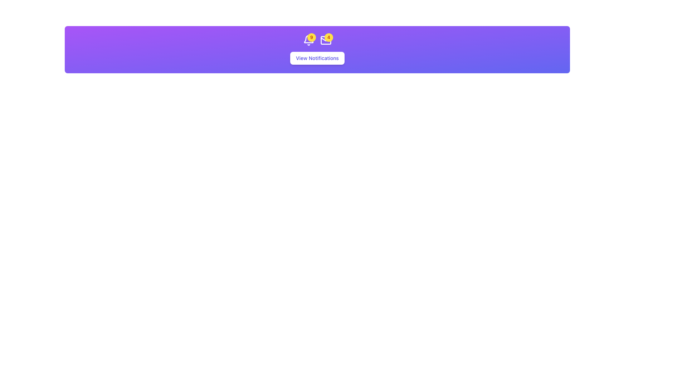 The height and width of the screenshot is (386, 687). What do you see at coordinates (311, 37) in the screenshot?
I see `the circular notification badge displaying the number '9' in bold orange text on a yellow background, located near the top-right corner of the bell icon` at bounding box center [311, 37].